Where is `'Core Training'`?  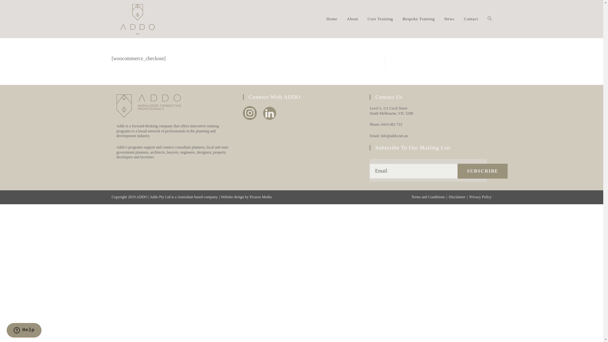
'Core Training' is located at coordinates (380, 19).